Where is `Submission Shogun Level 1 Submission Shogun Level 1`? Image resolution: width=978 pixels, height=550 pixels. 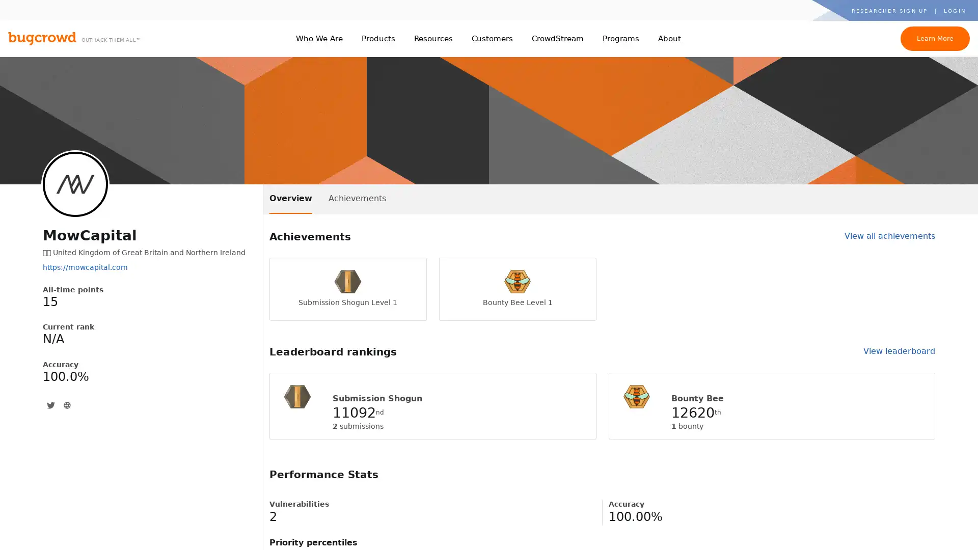 Submission Shogun Level 1 Submission Shogun Level 1 is located at coordinates (347, 289).